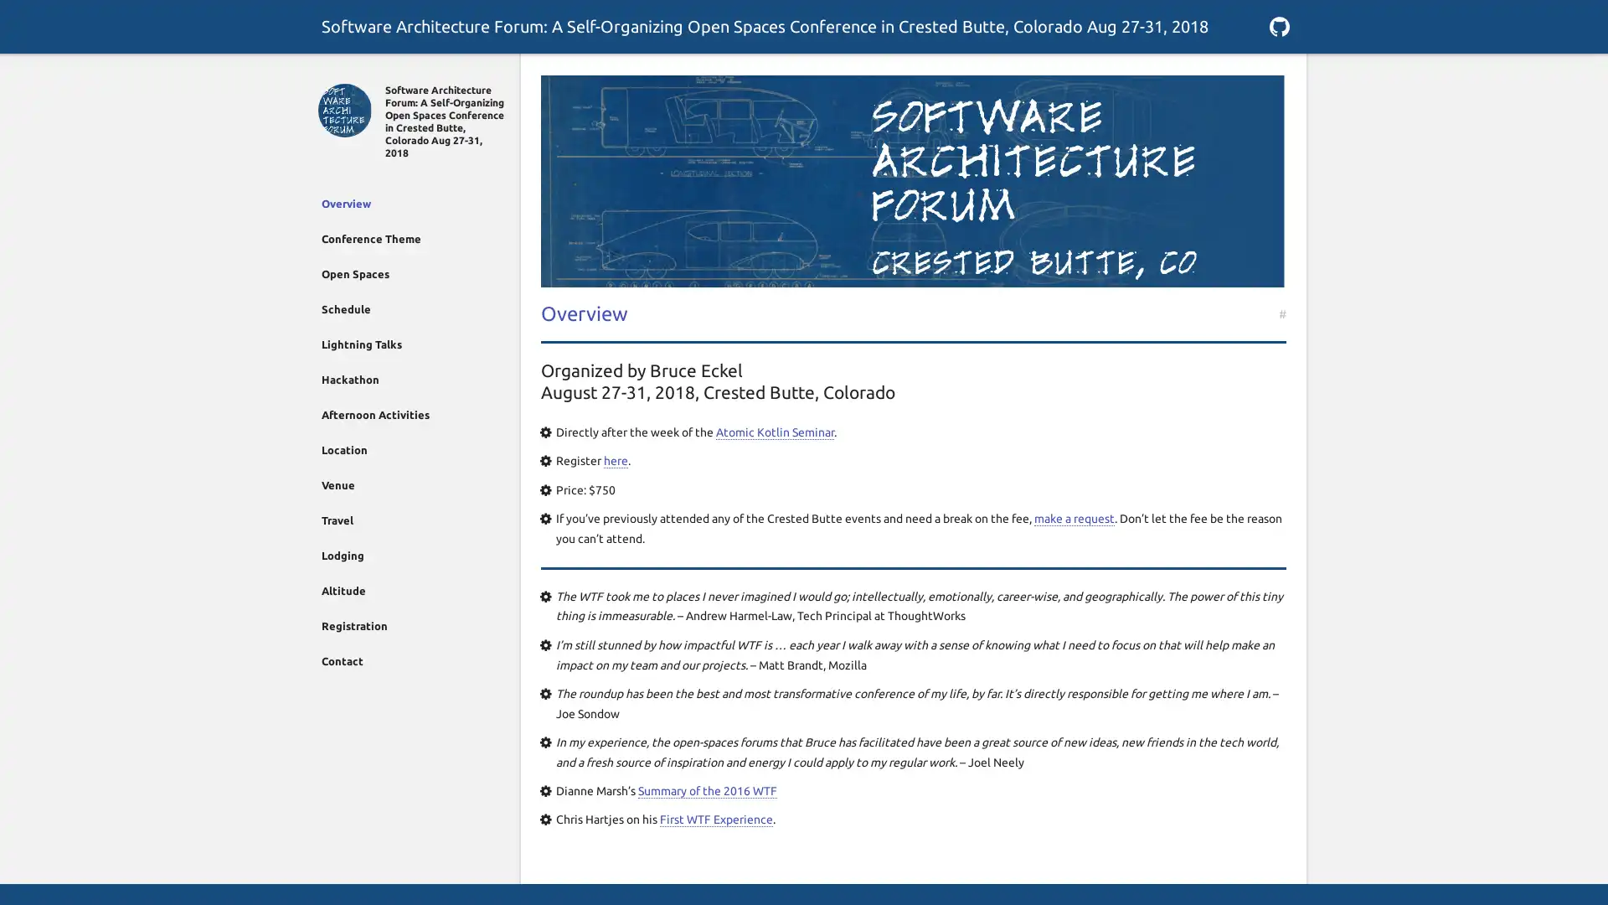  I want to click on Close, so click(328, 73).